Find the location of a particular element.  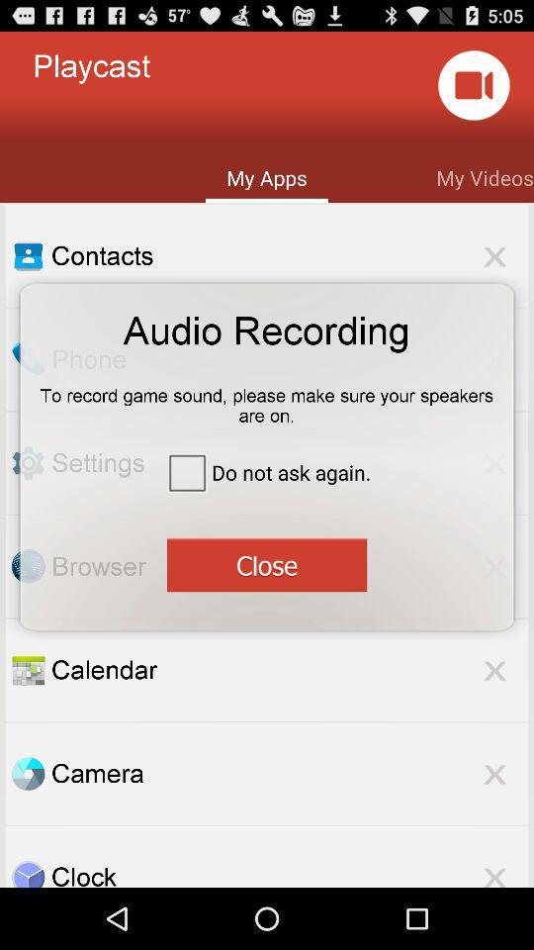

the item below the to record game icon is located at coordinates (266, 472).